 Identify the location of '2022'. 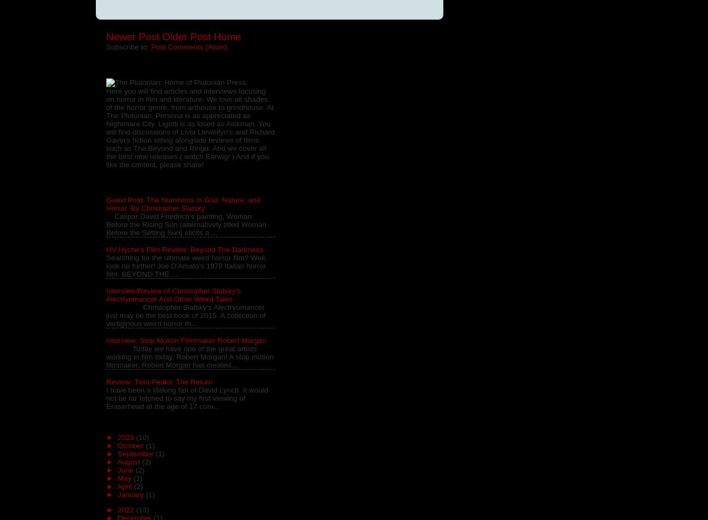
(126, 510).